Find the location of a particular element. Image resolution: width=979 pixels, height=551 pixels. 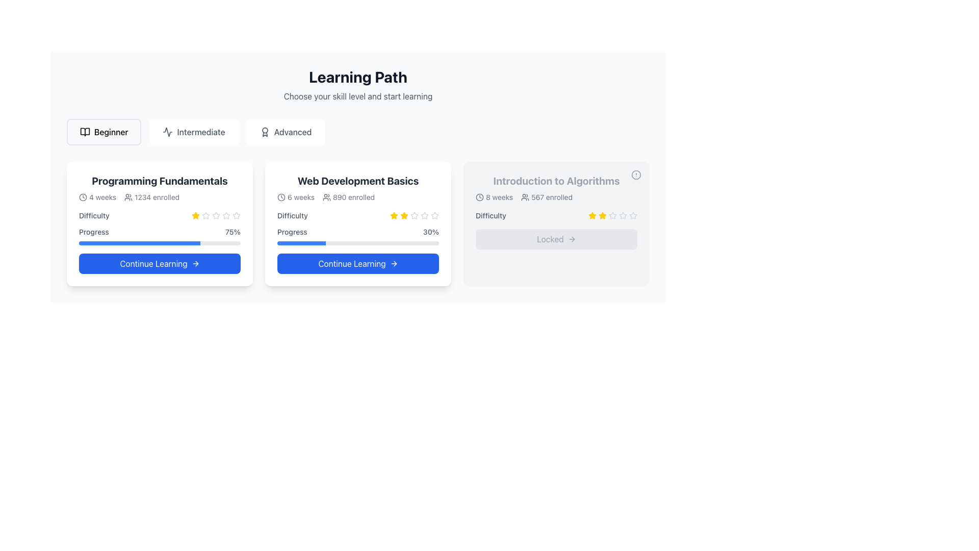

details from the text block titled 'Programming Fundamentals', which includes '4 weeks' duration and '1234 enrolled' count is located at coordinates (159, 188).